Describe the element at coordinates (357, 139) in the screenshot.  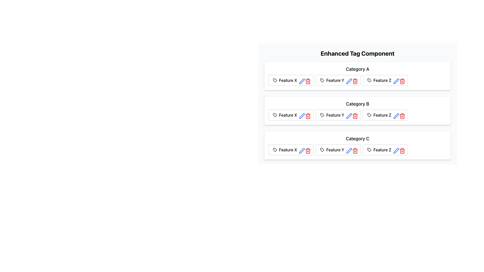
I see `the text label that serves as the title for the 'Category C' card, located at the top-center of the card, above the tags 'Feature X', 'Feature Y', and 'Feature Z'` at that location.